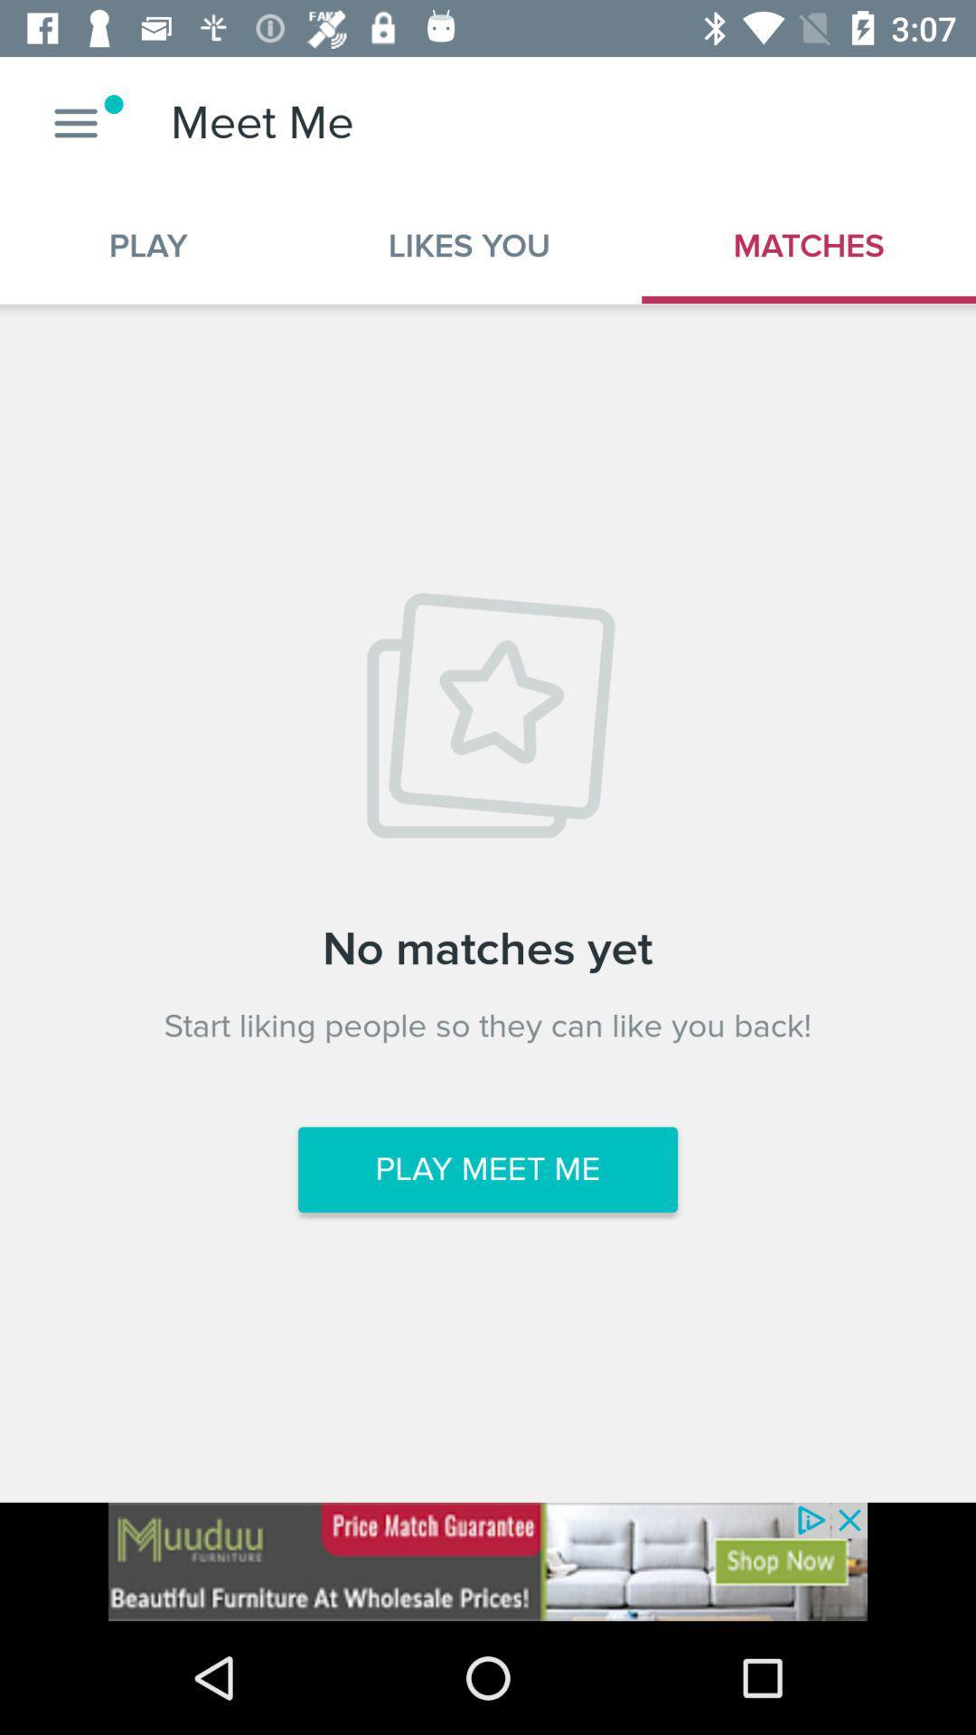 This screenshot has height=1735, width=976. What do you see at coordinates (488, 1561) in the screenshot?
I see `advertisement` at bounding box center [488, 1561].